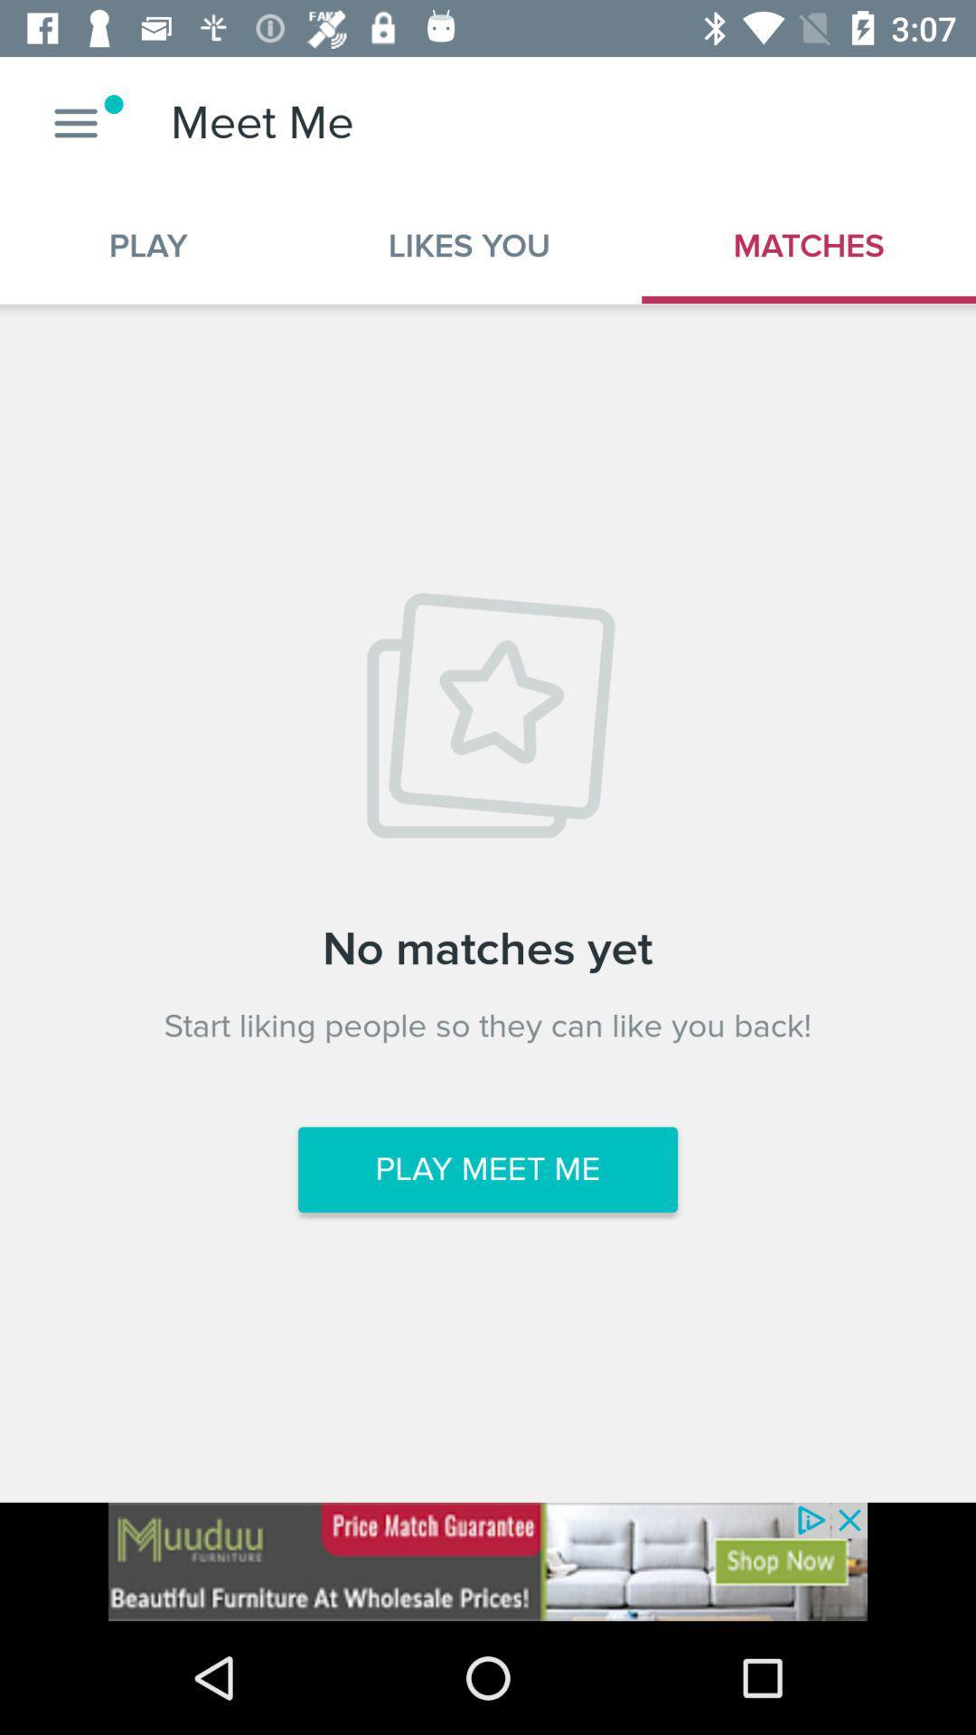 This screenshot has height=1735, width=976. What do you see at coordinates (488, 1561) in the screenshot?
I see `advertisement` at bounding box center [488, 1561].